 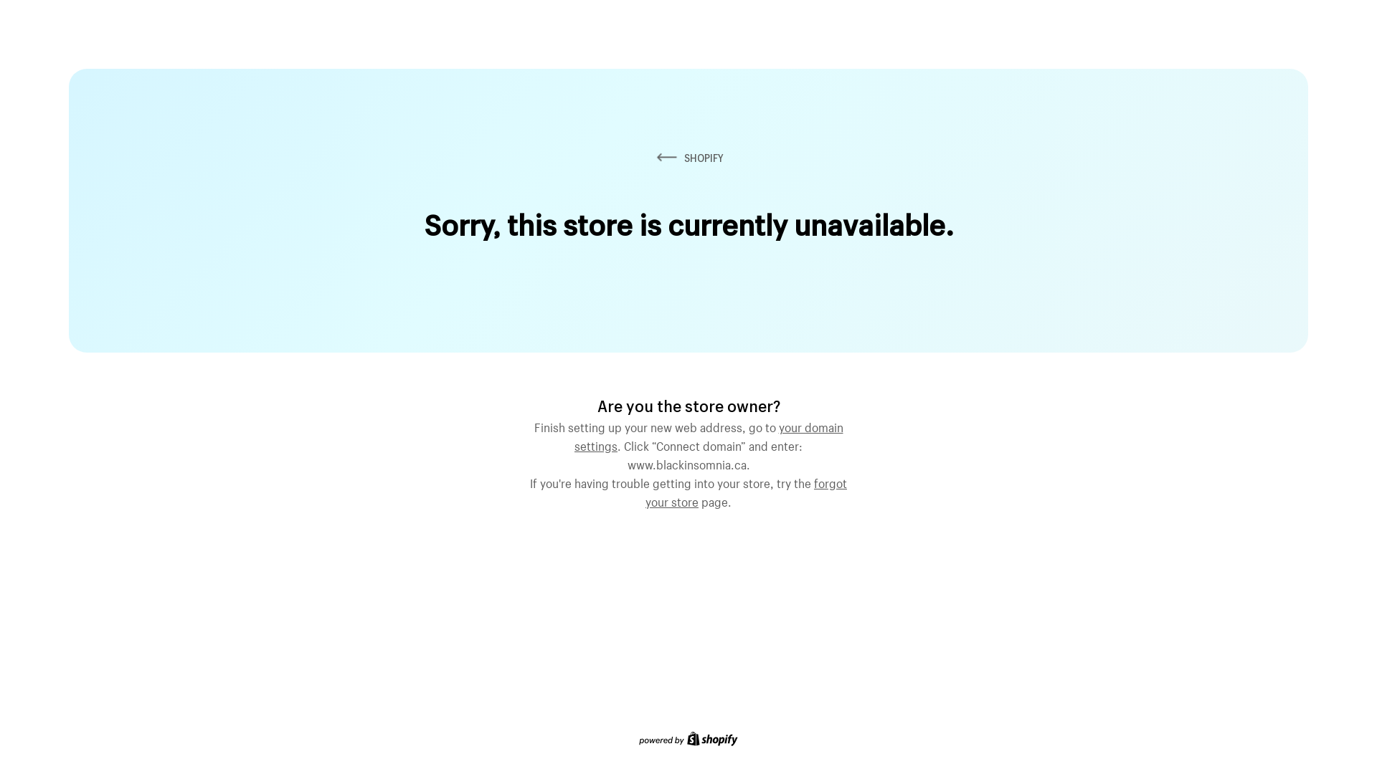 I want to click on 'SHOPIFY', so click(x=688, y=158).